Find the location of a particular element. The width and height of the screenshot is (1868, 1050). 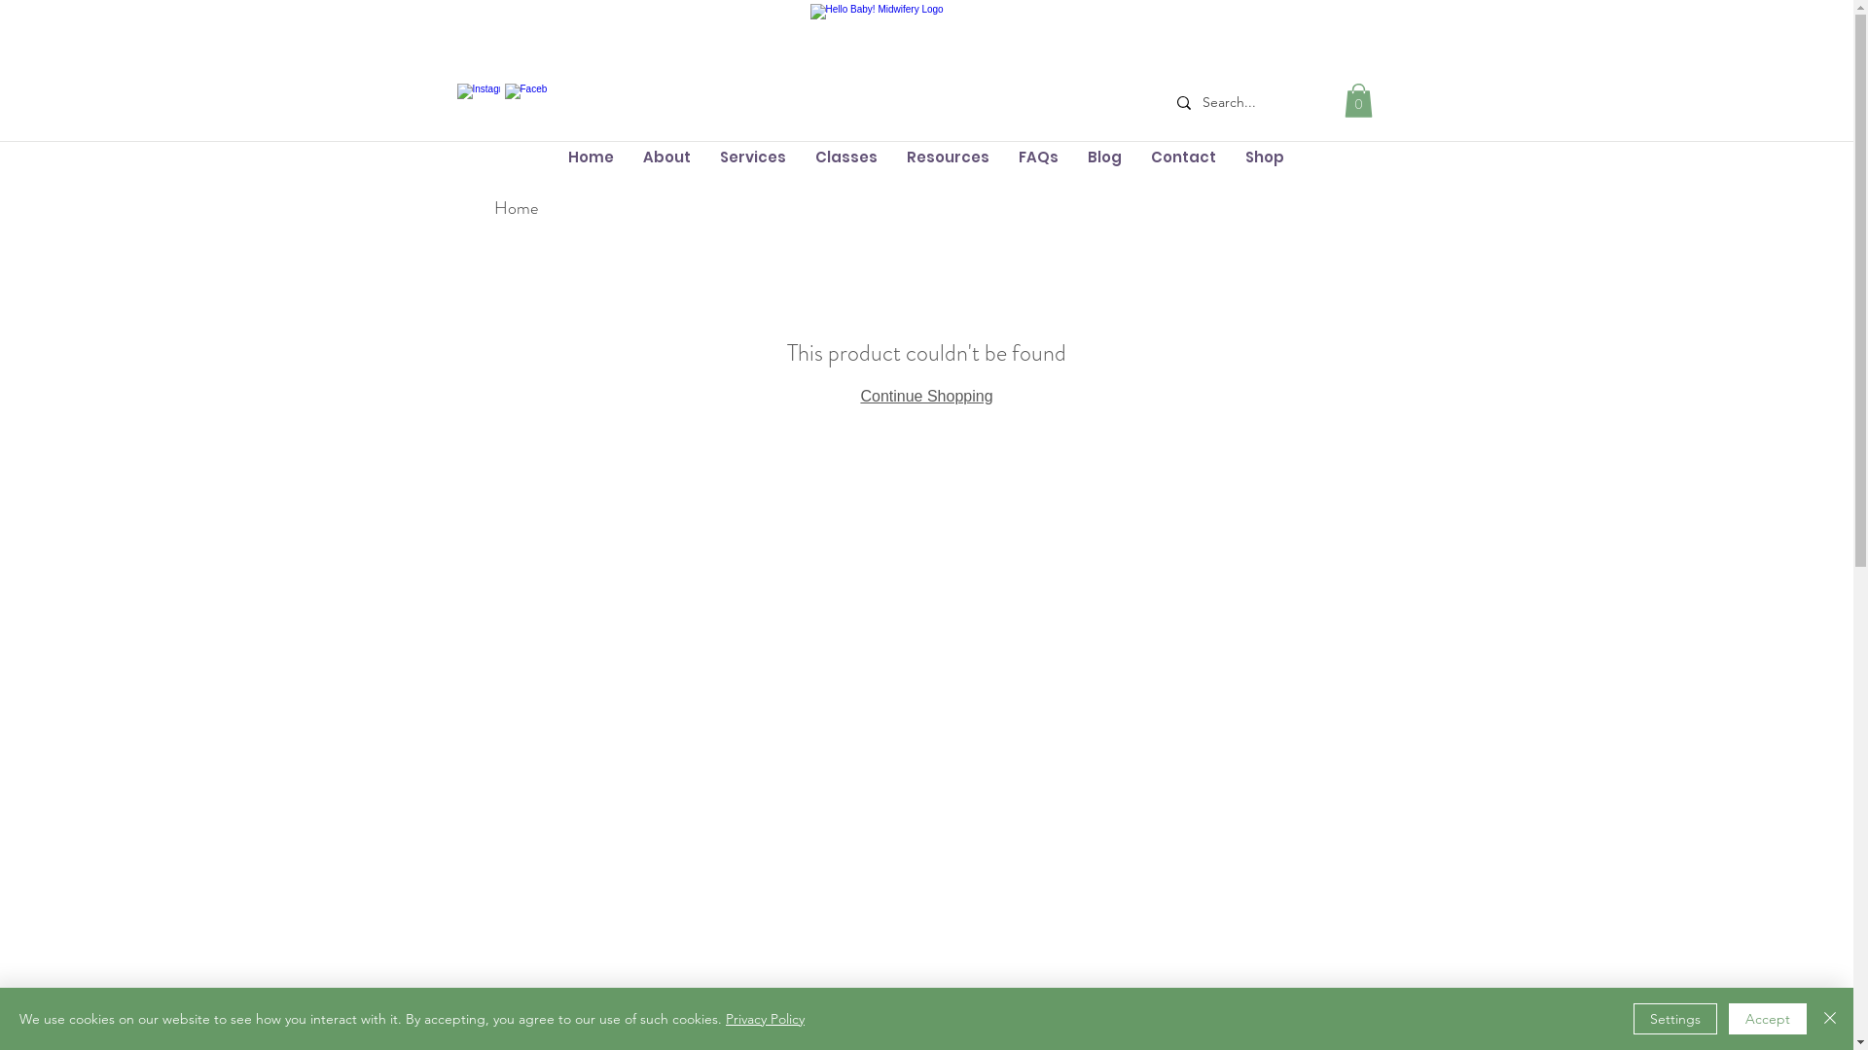

'Continue Shopping' is located at coordinates (924, 395).